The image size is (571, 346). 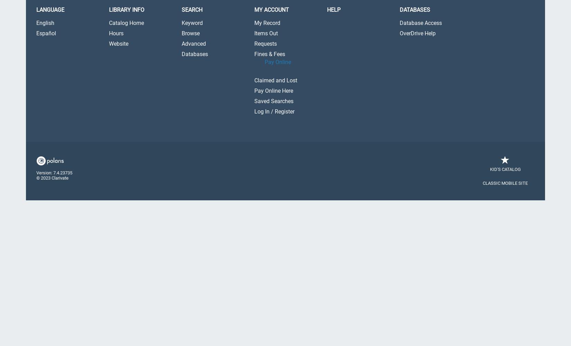 I want to click on 'OverDrive Help', so click(x=417, y=33).